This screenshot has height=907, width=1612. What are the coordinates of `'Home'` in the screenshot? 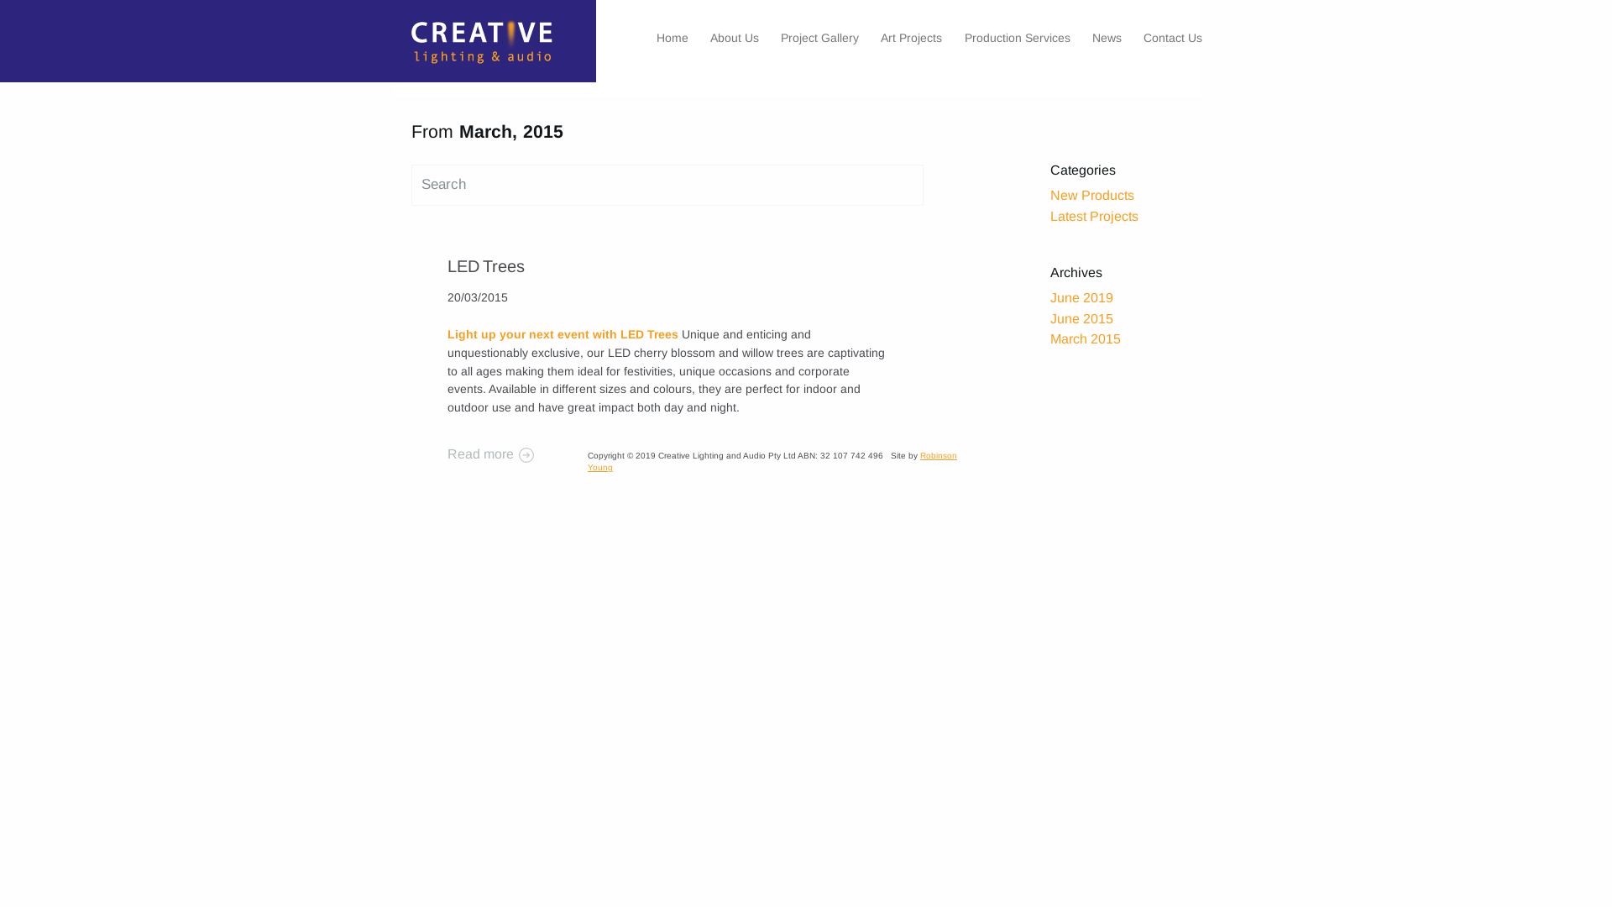 It's located at (394, 45).